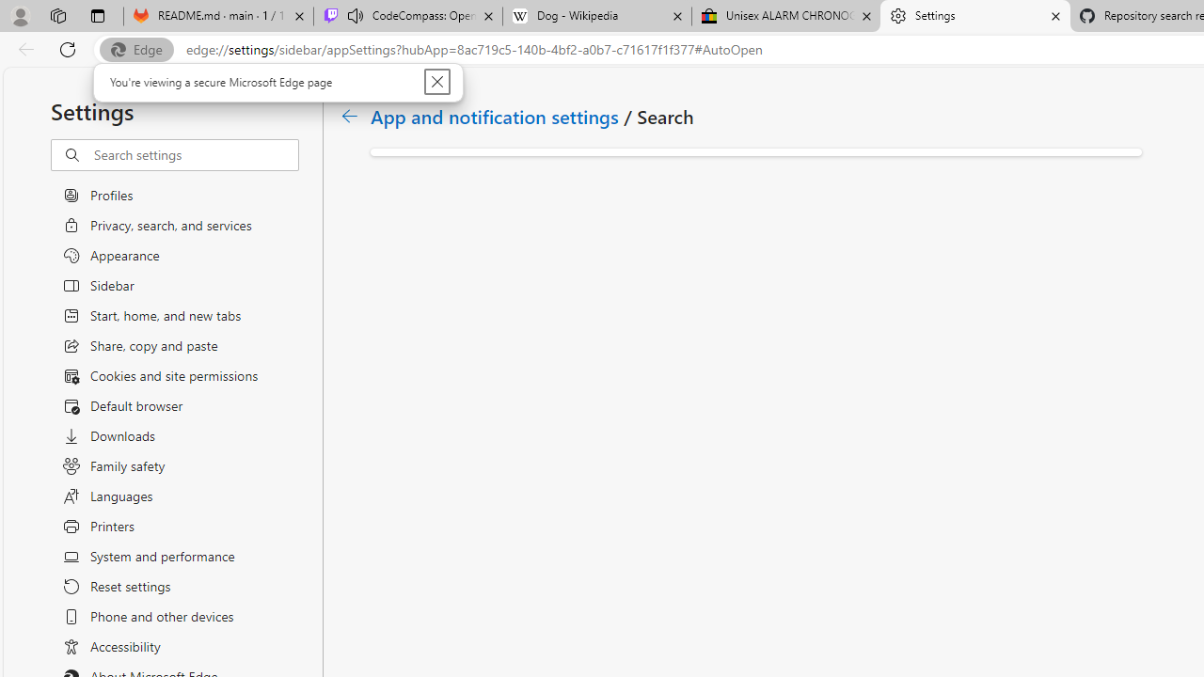 This screenshot has height=677, width=1204. Describe the element at coordinates (356, 15) in the screenshot. I see `'Mute tab'` at that location.